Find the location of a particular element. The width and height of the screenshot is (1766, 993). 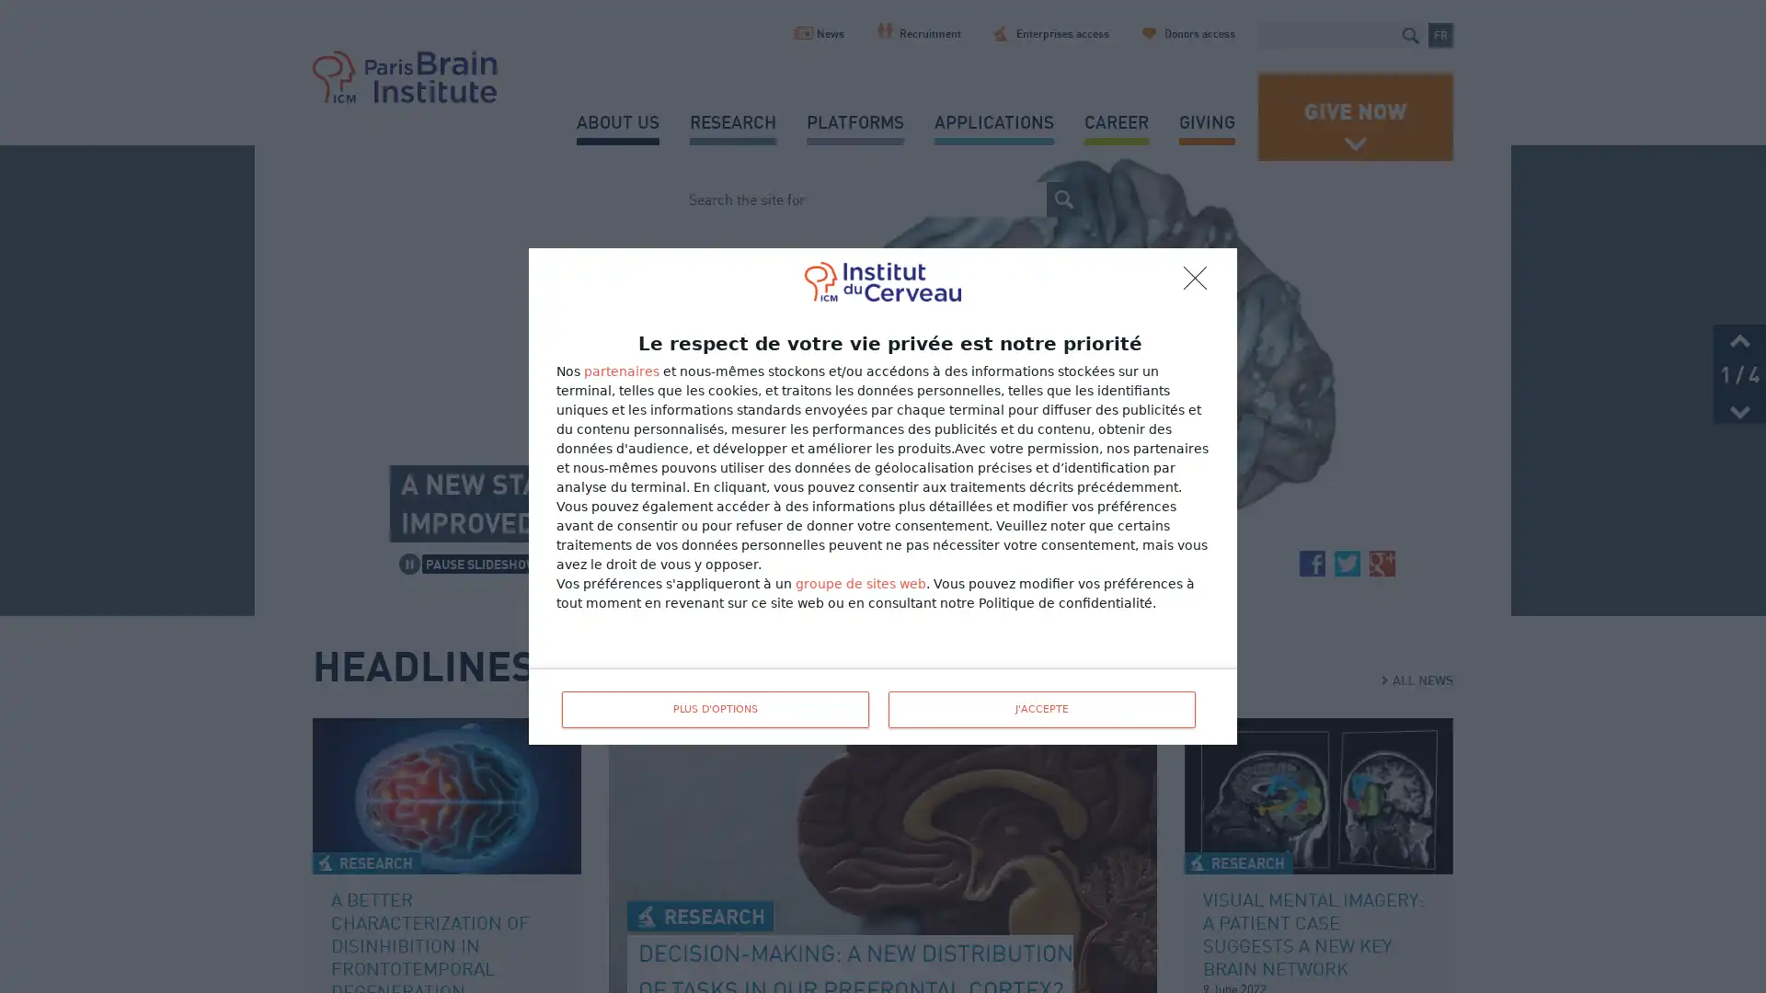

Search the site for is located at coordinates (1409, 35).